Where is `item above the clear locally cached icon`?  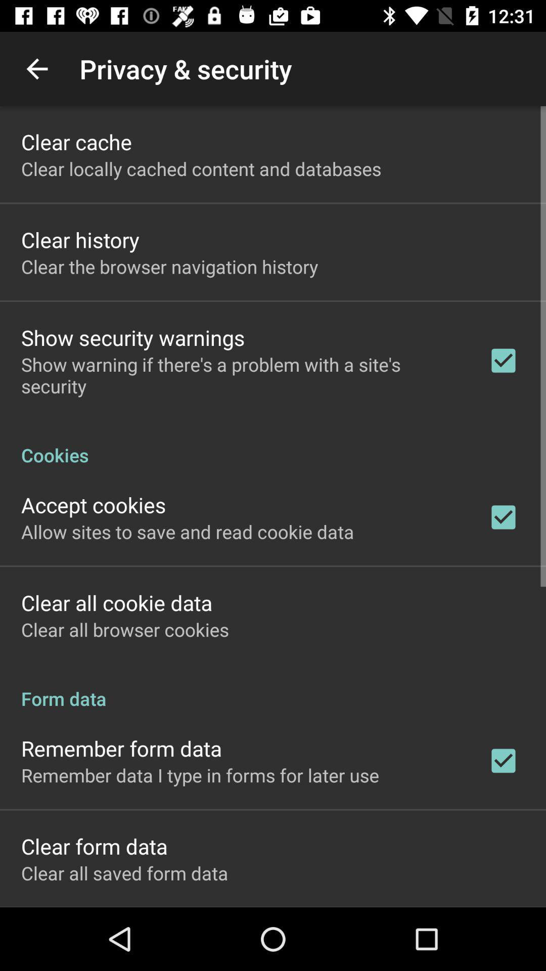
item above the clear locally cached icon is located at coordinates (76, 141).